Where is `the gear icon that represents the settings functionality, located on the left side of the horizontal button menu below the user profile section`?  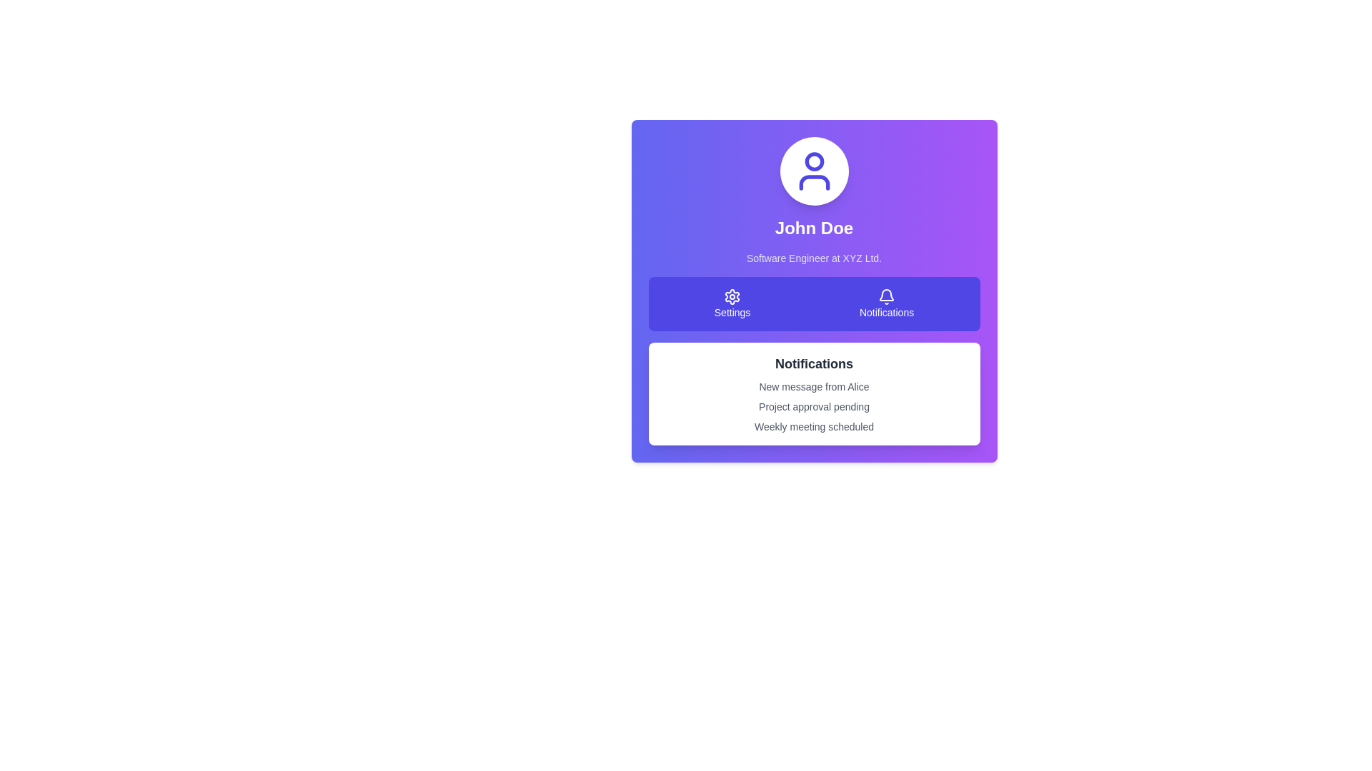
the gear icon that represents the settings functionality, located on the left side of the horizontal button menu below the user profile section is located at coordinates (732, 296).